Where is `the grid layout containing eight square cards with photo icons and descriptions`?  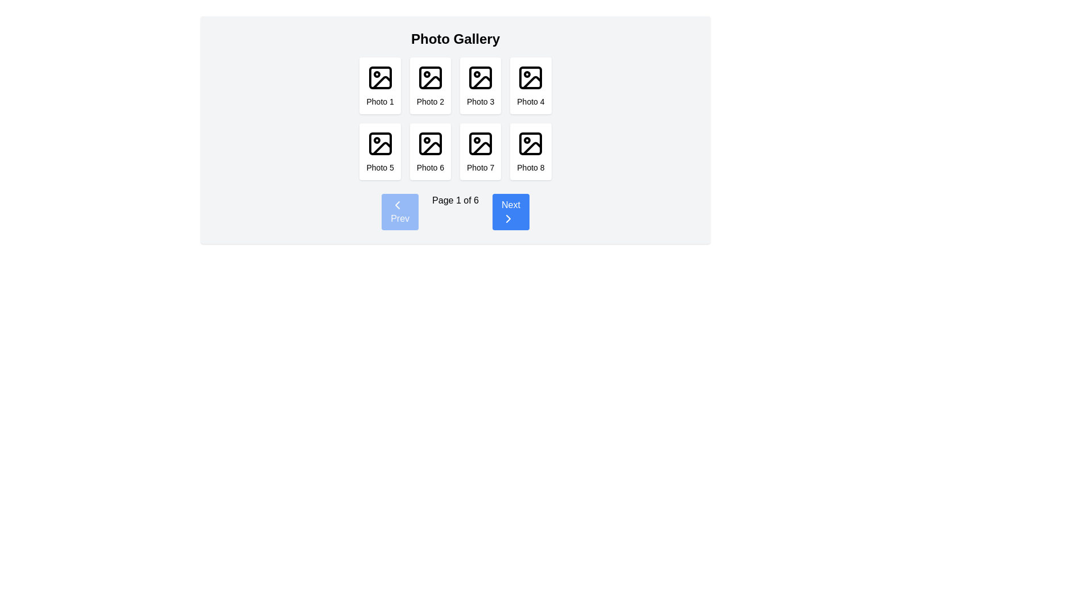 the grid layout containing eight square cards with photo icons and descriptions is located at coordinates (456, 118).